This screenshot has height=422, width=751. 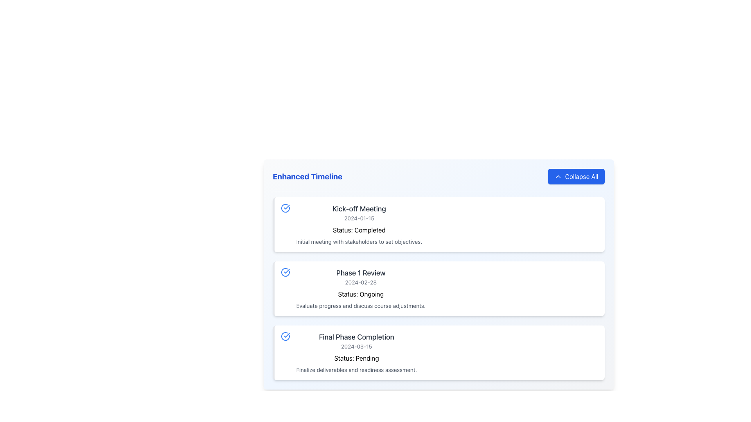 I want to click on the circular icon with a blue border and white checkmark, indicating completed status, located at the leftmost position of the 'Kick-off Meeting' card, so click(x=285, y=207).